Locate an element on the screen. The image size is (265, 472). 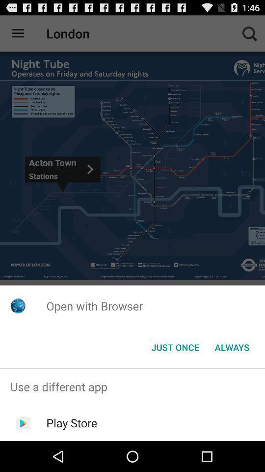
the just once item is located at coordinates (175, 347).